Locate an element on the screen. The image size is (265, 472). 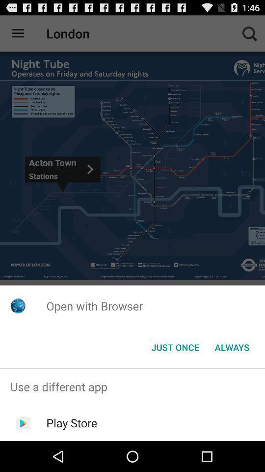
the just once item is located at coordinates (175, 347).